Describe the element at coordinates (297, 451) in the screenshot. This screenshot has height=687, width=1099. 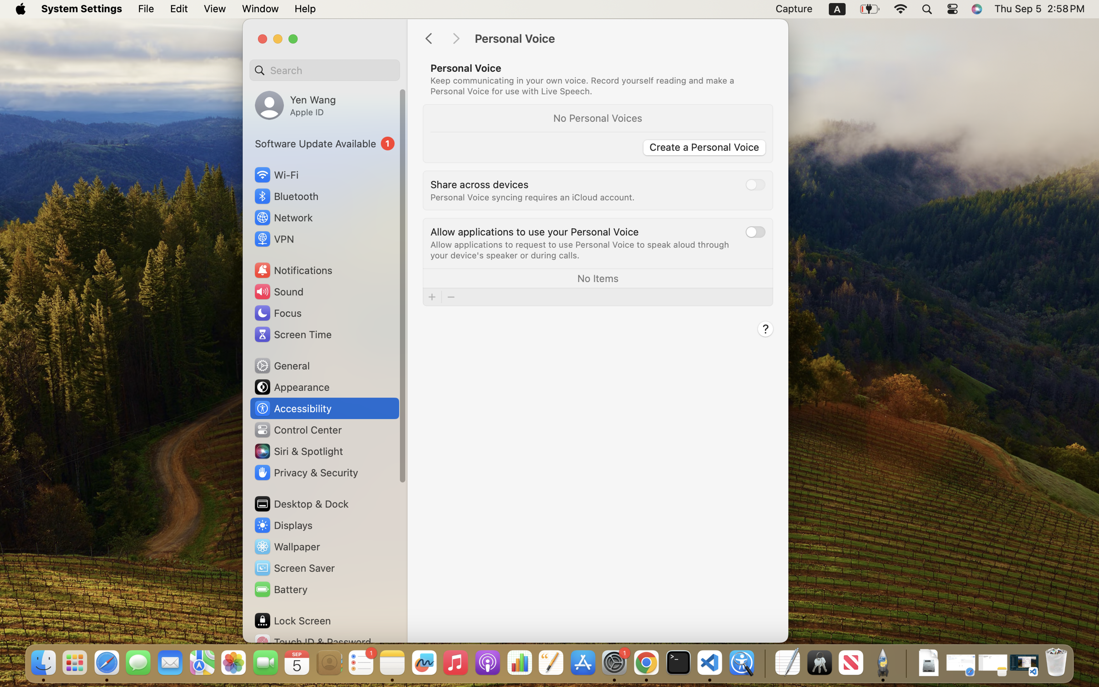
I see `'Siri & Spotlight'` at that location.